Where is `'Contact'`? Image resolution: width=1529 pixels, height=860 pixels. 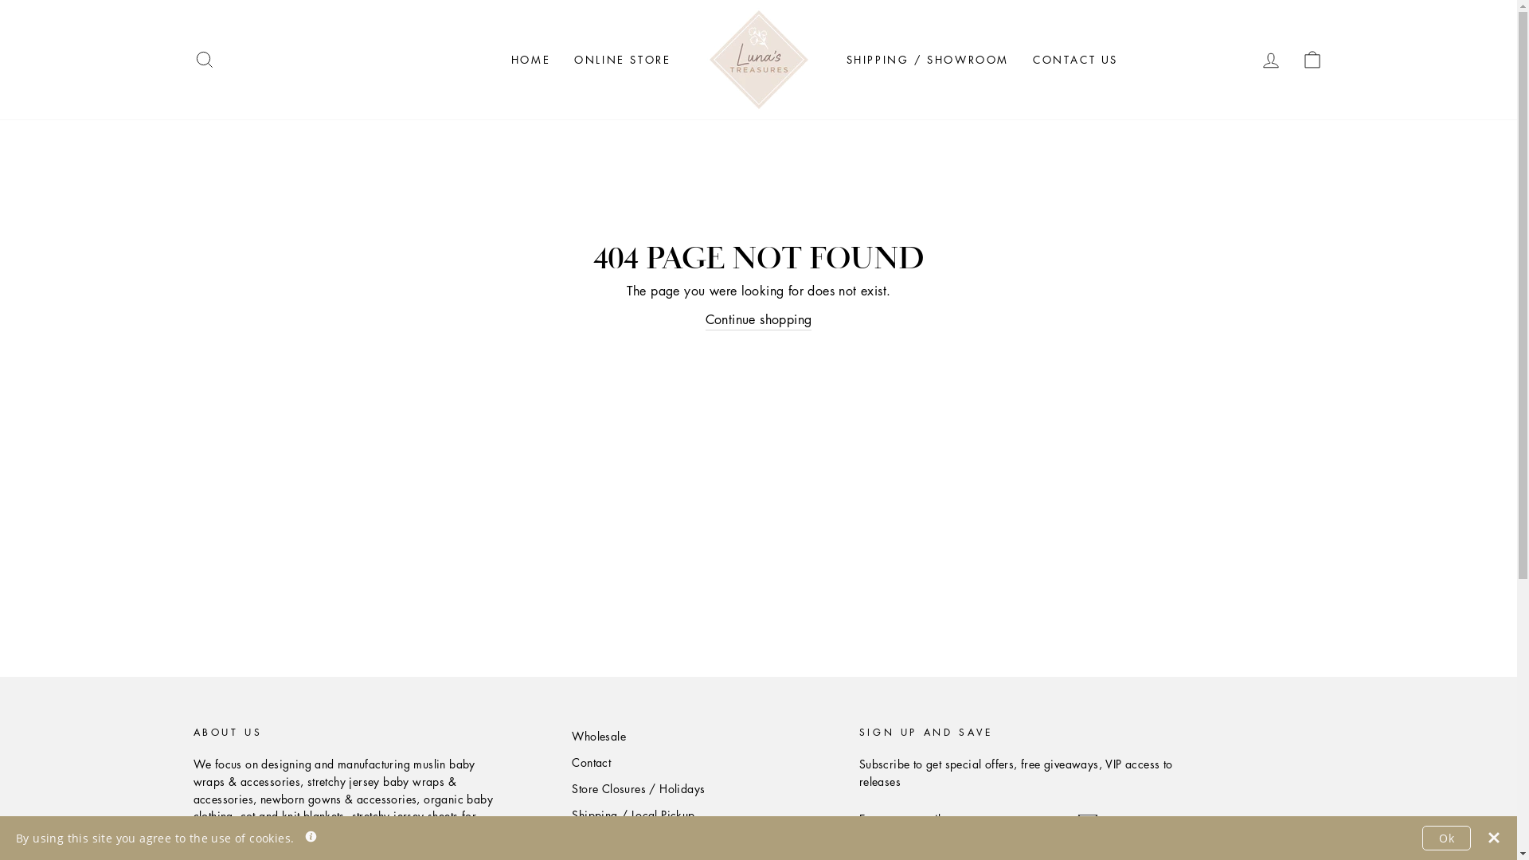
'Contact' is located at coordinates (590, 761).